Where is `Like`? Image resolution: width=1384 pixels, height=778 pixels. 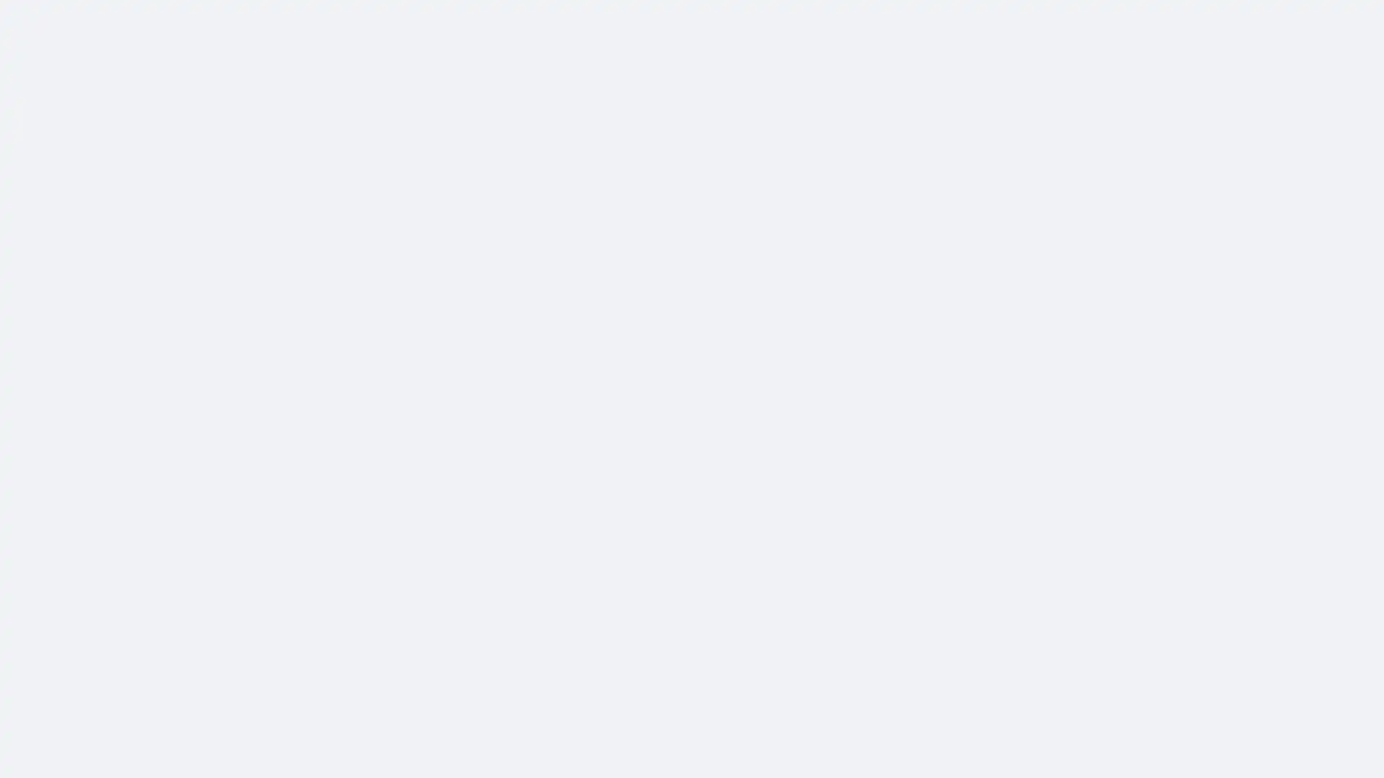 Like is located at coordinates (714, 379).